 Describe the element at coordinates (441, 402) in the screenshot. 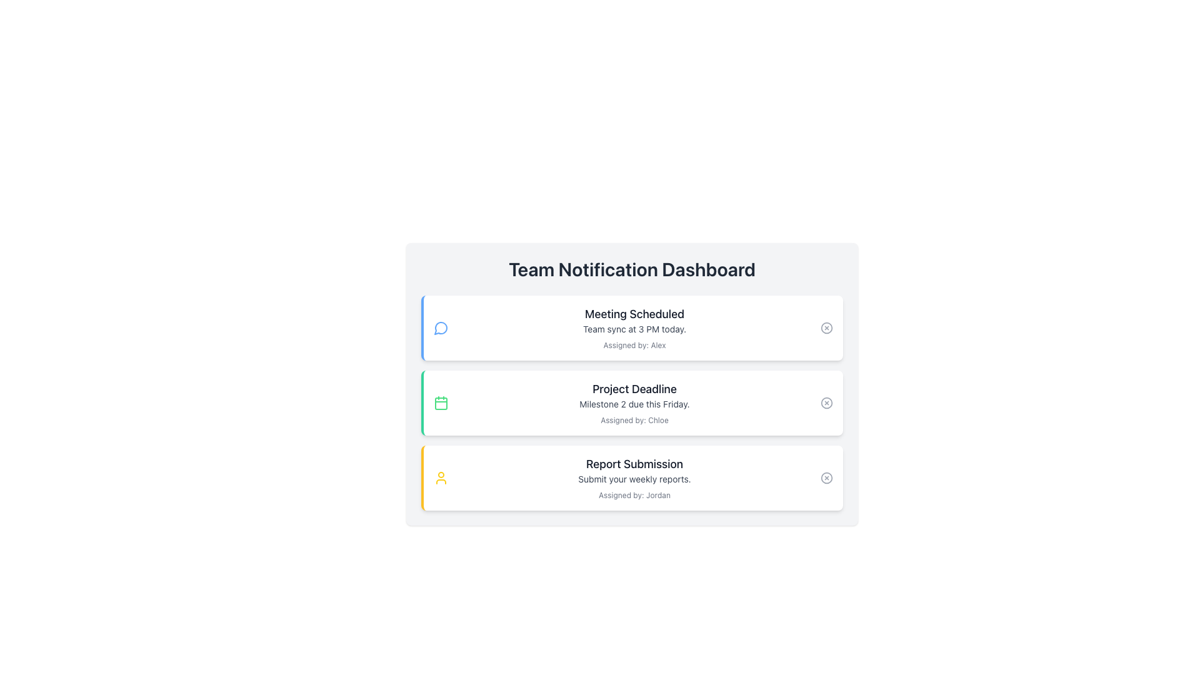

I see `the 'Project Deadline' notification icon located at the leftmost side of the notification panel, which is aligned vertically with the text content` at that location.